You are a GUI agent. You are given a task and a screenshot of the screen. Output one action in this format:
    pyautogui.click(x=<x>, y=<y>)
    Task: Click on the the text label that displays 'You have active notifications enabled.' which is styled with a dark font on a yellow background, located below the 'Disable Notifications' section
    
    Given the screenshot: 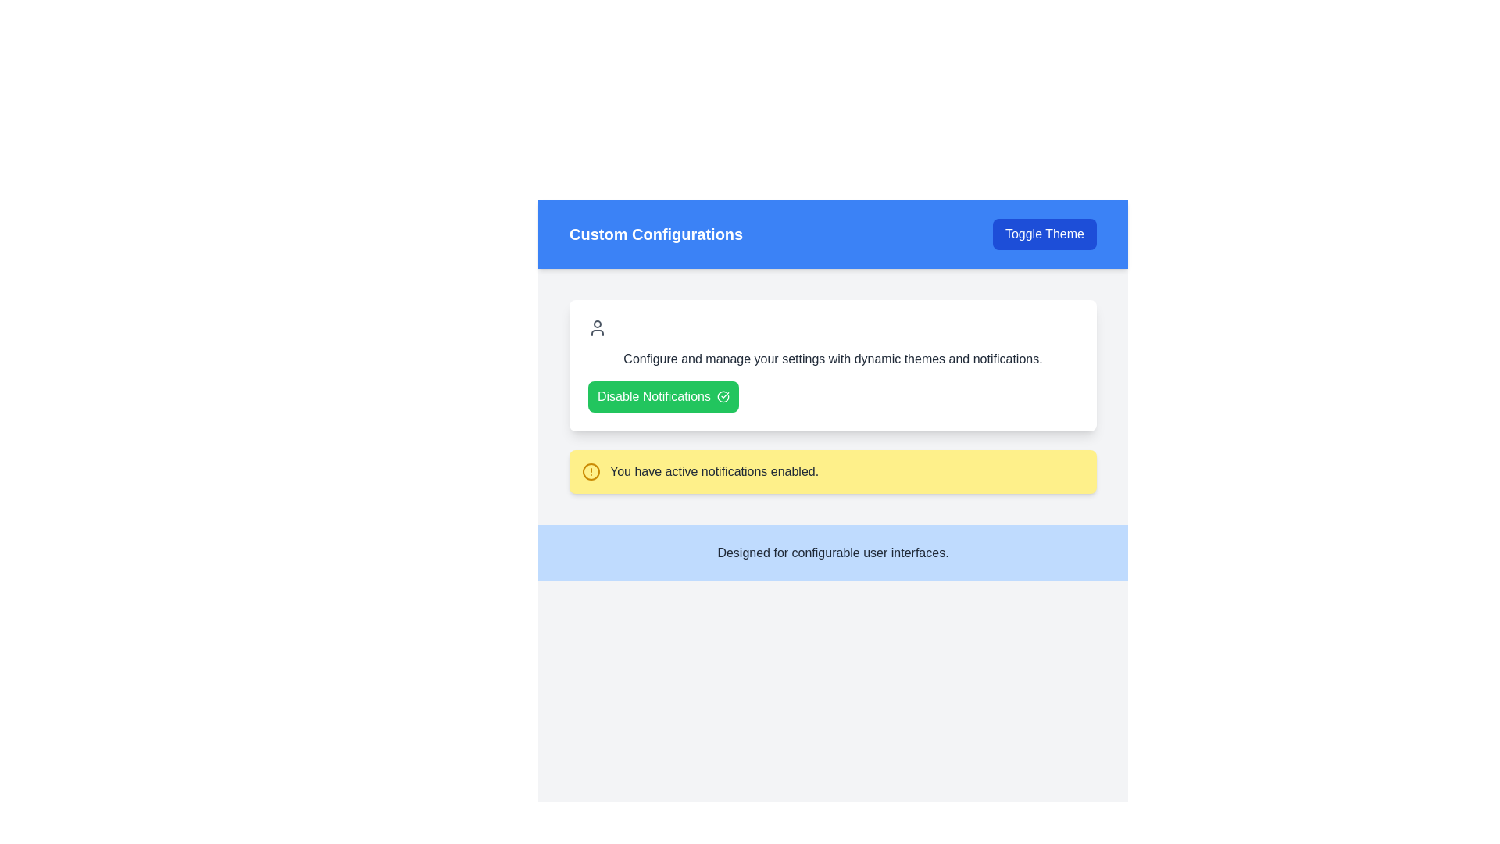 What is the action you would take?
    pyautogui.click(x=713, y=471)
    